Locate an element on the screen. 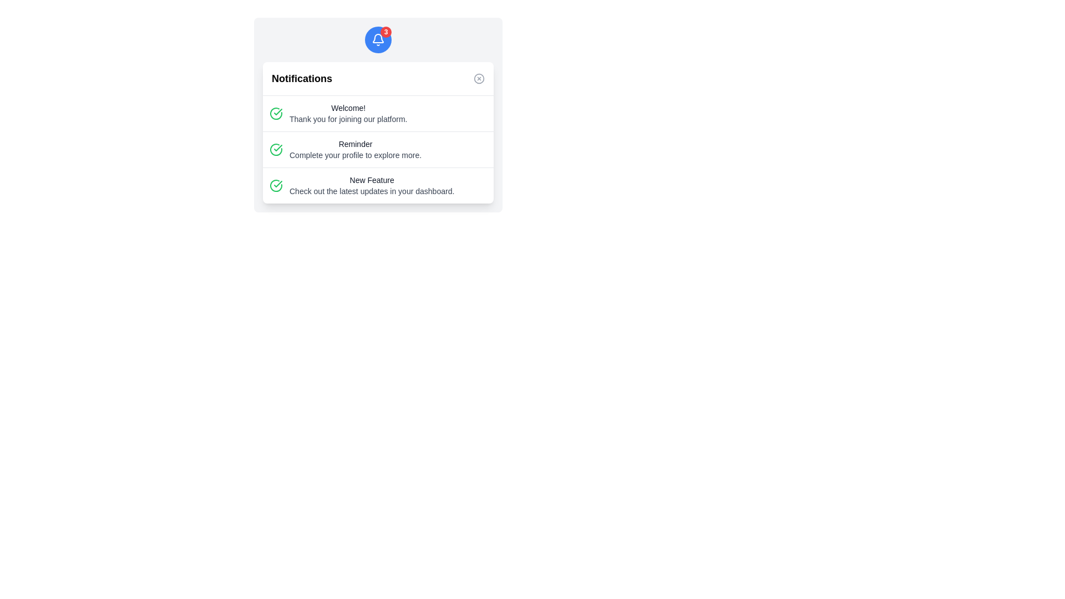 The image size is (1065, 599). the notification visually by clicking on the success icon located at the top left of the first notification item in the list is located at coordinates (278, 111).